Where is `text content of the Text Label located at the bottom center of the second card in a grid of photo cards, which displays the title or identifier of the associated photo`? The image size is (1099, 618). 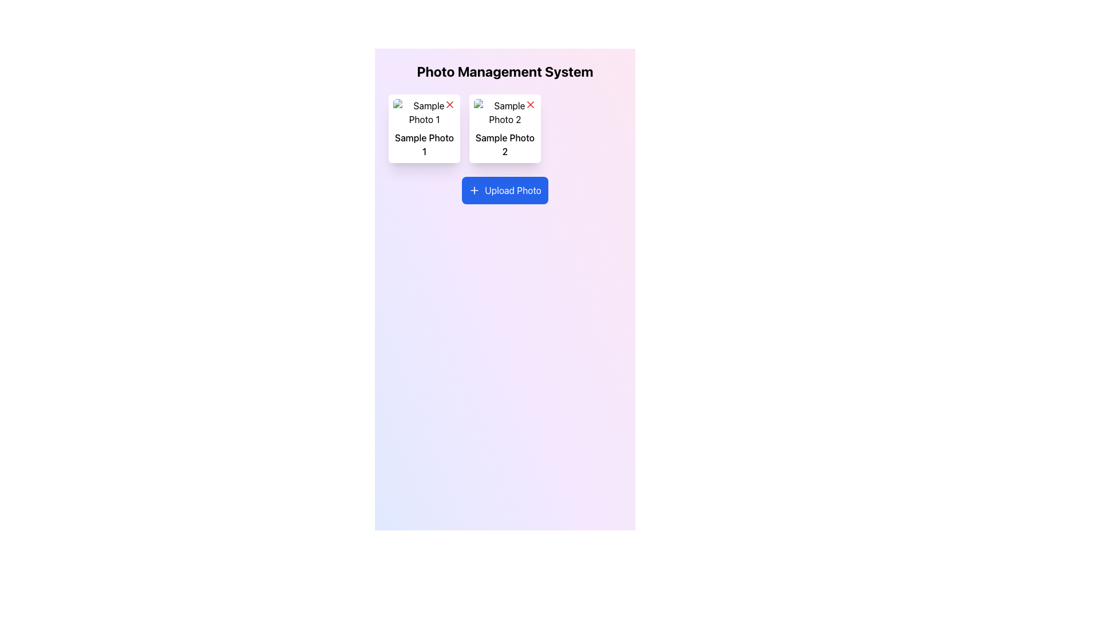
text content of the Text Label located at the bottom center of the second card in a grid of photo cards, which displays the title or identifier of the associated photo is located at coordinates (504, 144).